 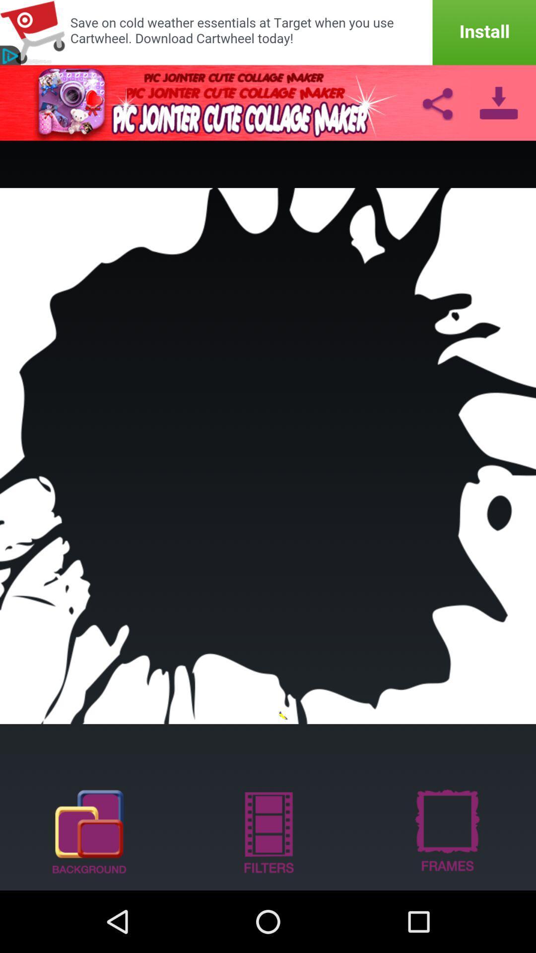 What do you see at coordinates (89, 831) in the screenshot?
I see `to add more images` at bounding box center [89, 831].